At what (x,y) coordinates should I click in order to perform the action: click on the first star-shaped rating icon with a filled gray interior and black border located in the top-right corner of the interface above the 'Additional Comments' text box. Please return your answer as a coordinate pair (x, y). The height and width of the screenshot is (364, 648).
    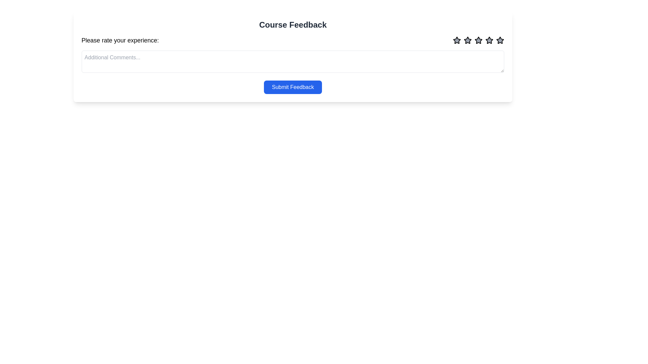
    Looking at the image, I should click on (457, 40).